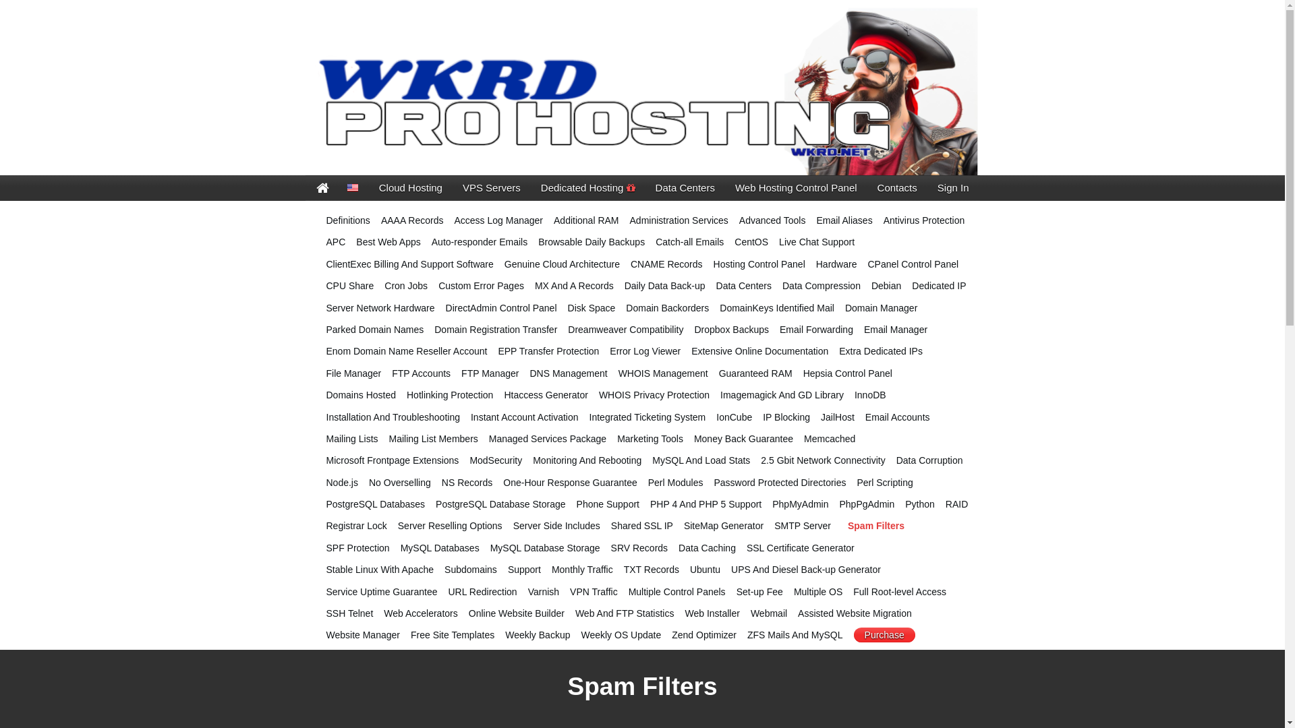 This screenshot has width=1295, height=728. Describe the element at coordinates (856, 482) in the screenshot. I see `'Perl Scripting'` at that location.